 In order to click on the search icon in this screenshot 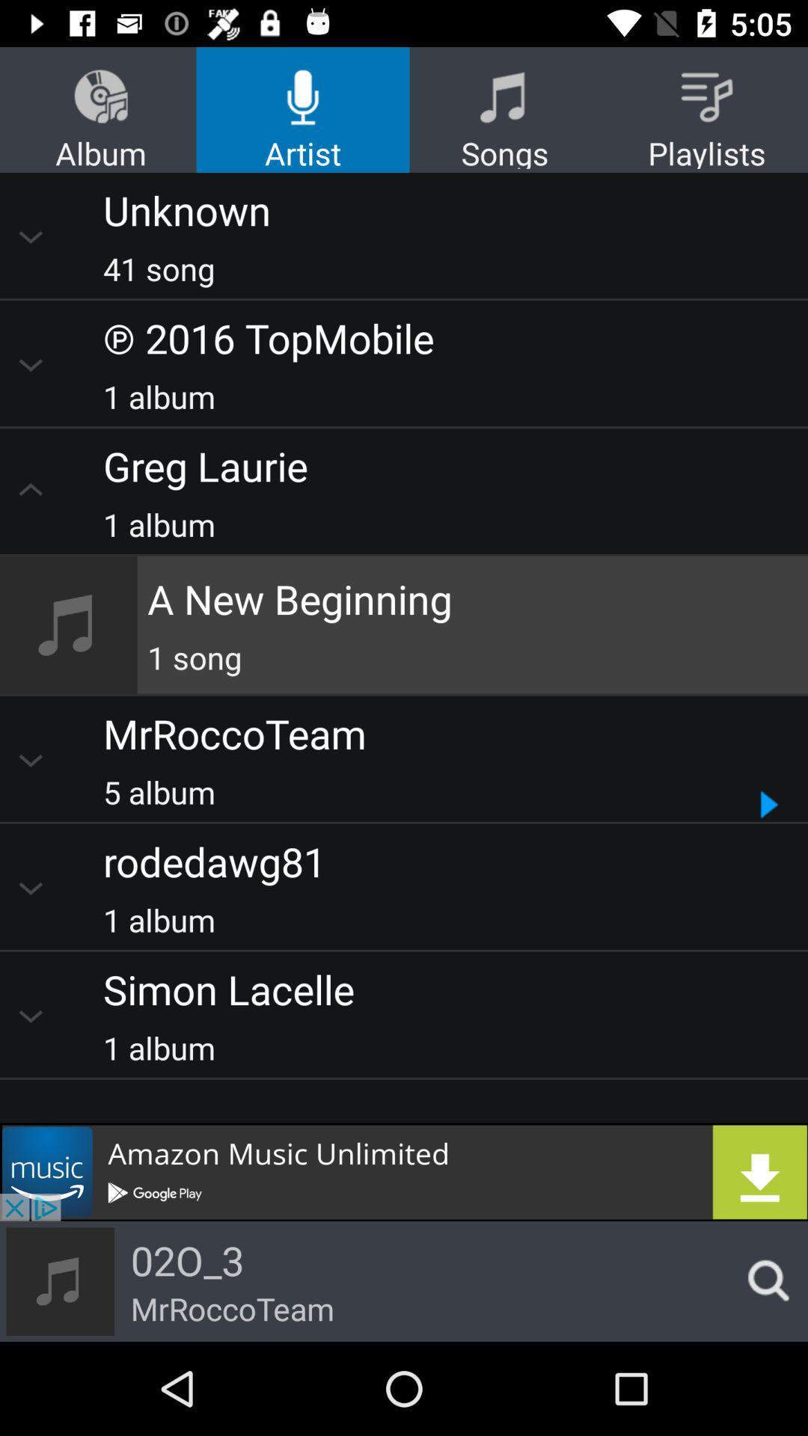, I will do `click(764, 1280)`.